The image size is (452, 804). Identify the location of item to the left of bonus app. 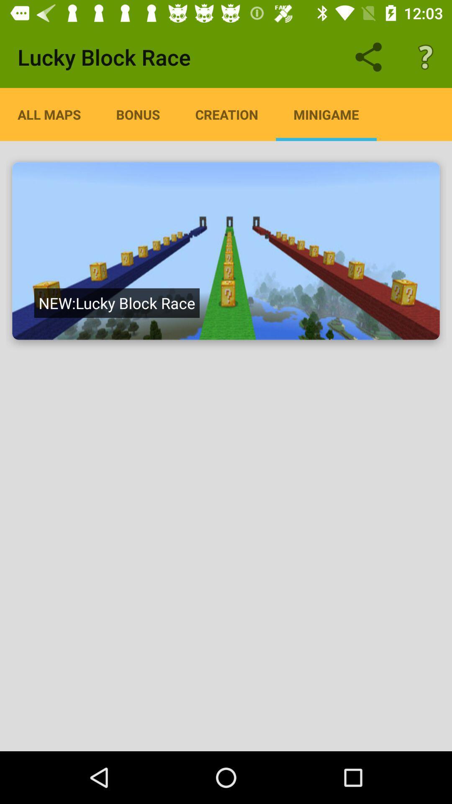
(49, 114).